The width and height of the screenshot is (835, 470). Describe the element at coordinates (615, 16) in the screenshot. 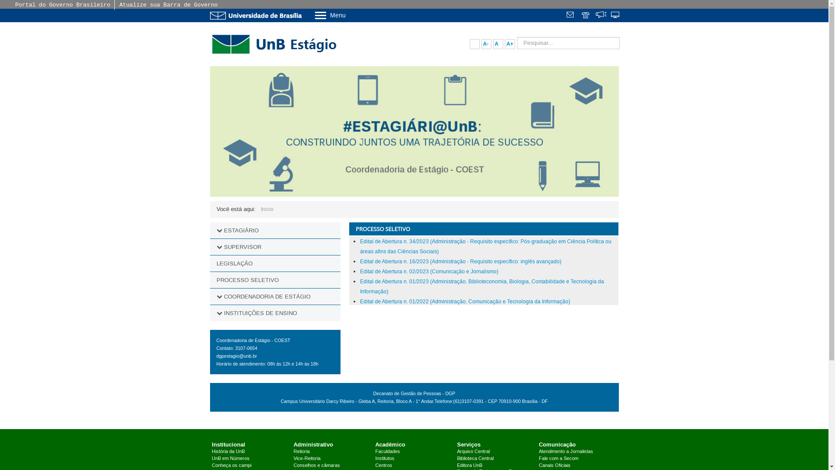

I see `'Sistemas'` at that location.